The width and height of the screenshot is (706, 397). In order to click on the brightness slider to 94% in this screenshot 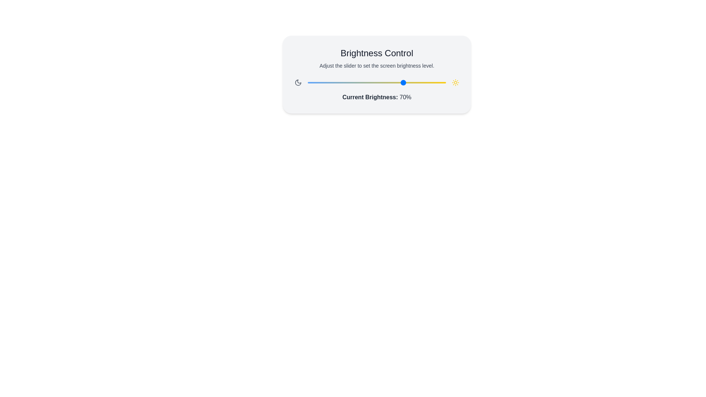, I will do `click(438, 82)`.